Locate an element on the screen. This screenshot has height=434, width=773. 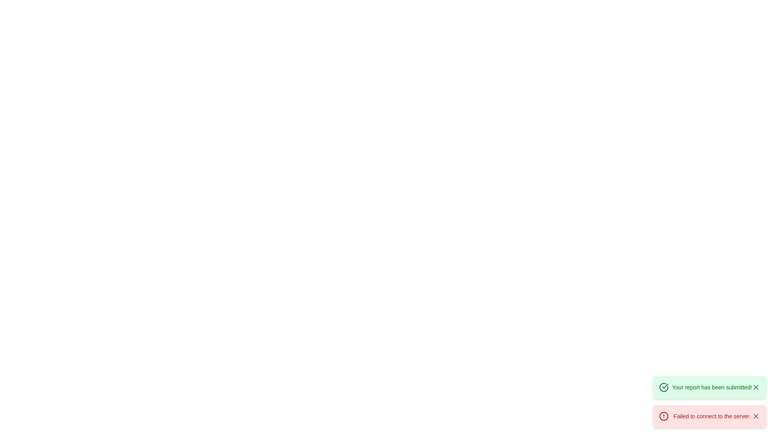
the Close or Dismiss icon, which is a diagonal cross styled as a thin line, located centrally within a small rectangular icon in the bottom-right quadrant of the interface is located at coordinates (755, 387).